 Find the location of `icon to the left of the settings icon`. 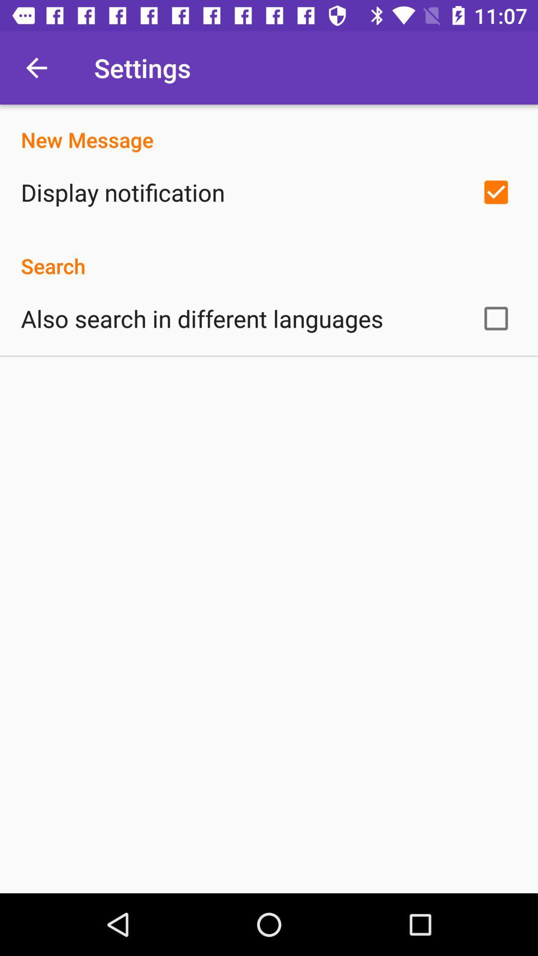

icon to the left of the settings icon is located at coordinates (36, 67).